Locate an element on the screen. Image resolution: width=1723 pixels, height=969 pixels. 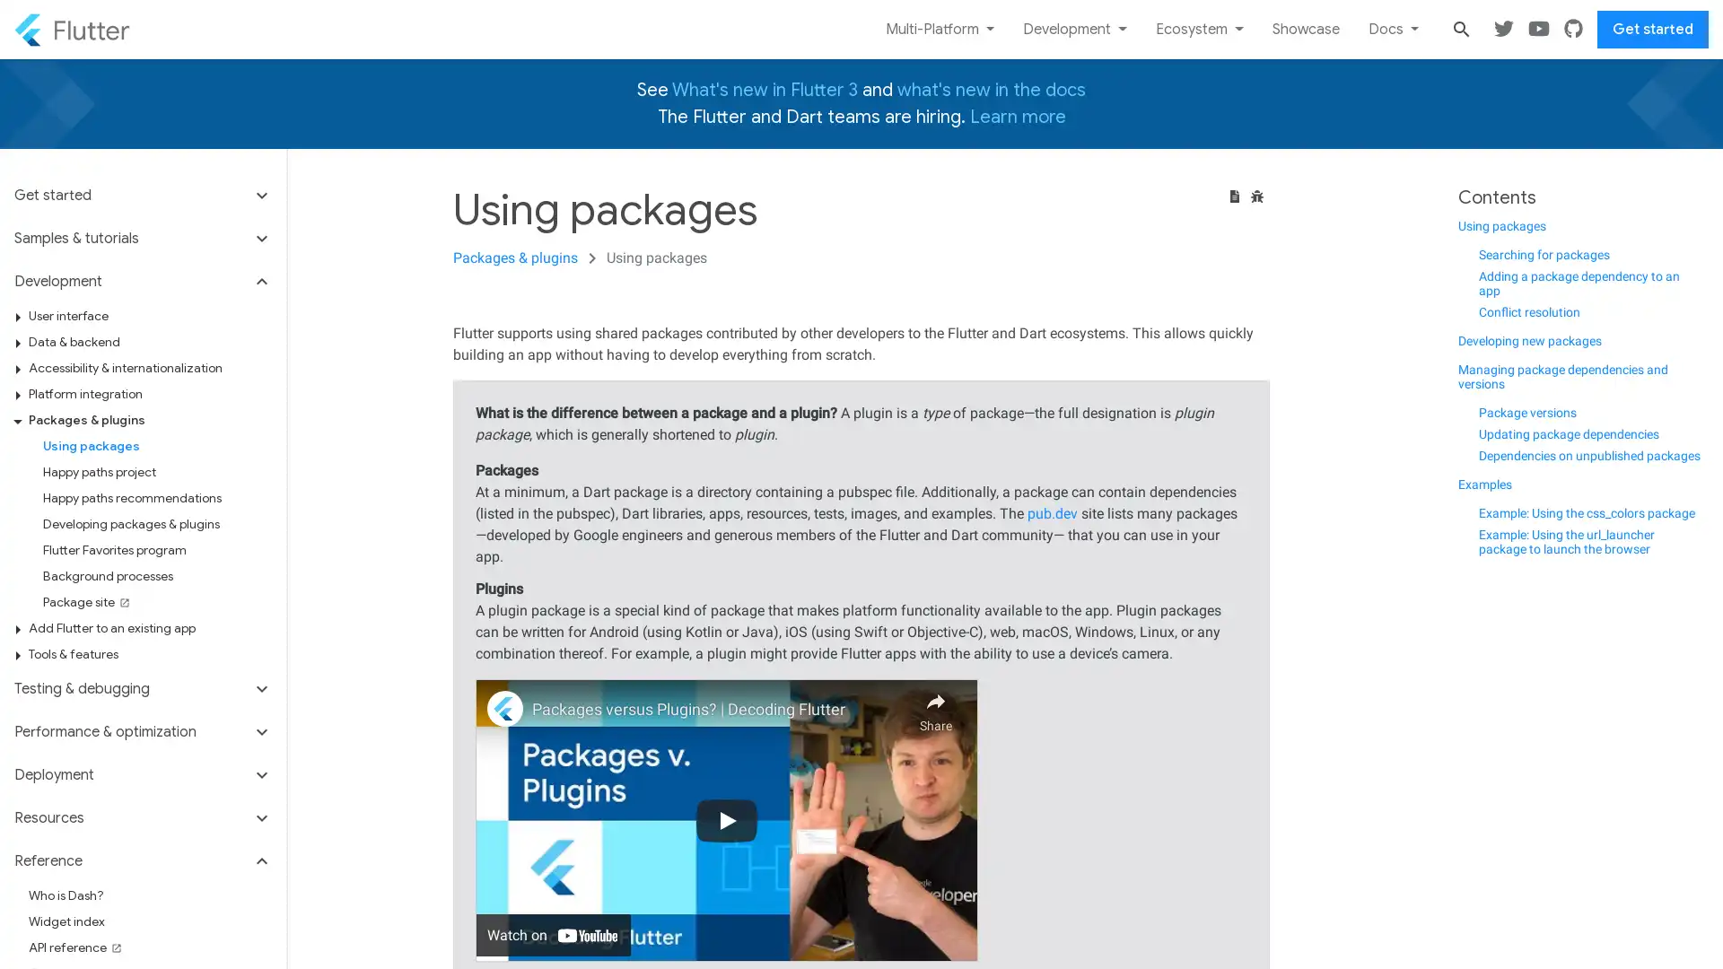
arrow_drop_down User interface is located at coordinates (150, 315).